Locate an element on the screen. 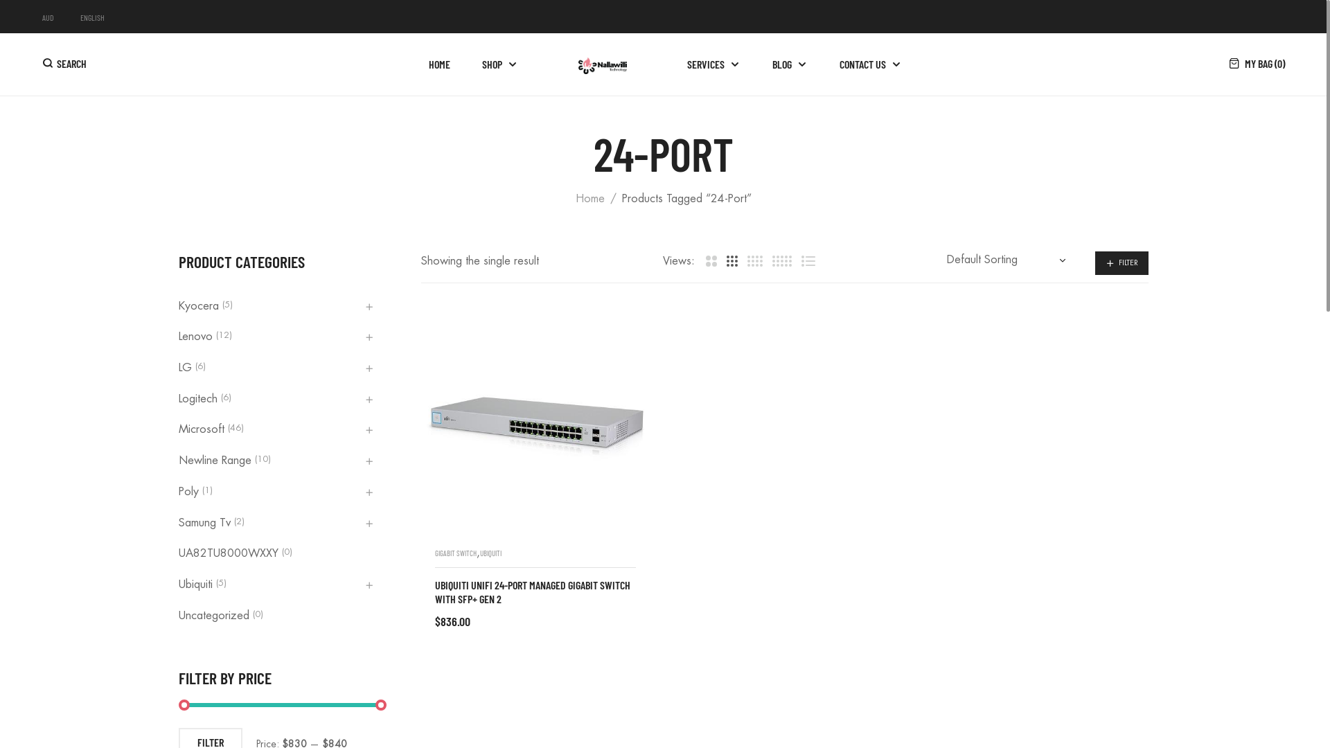  'MY BAG (0)' is located at coordinates (1257, 64).